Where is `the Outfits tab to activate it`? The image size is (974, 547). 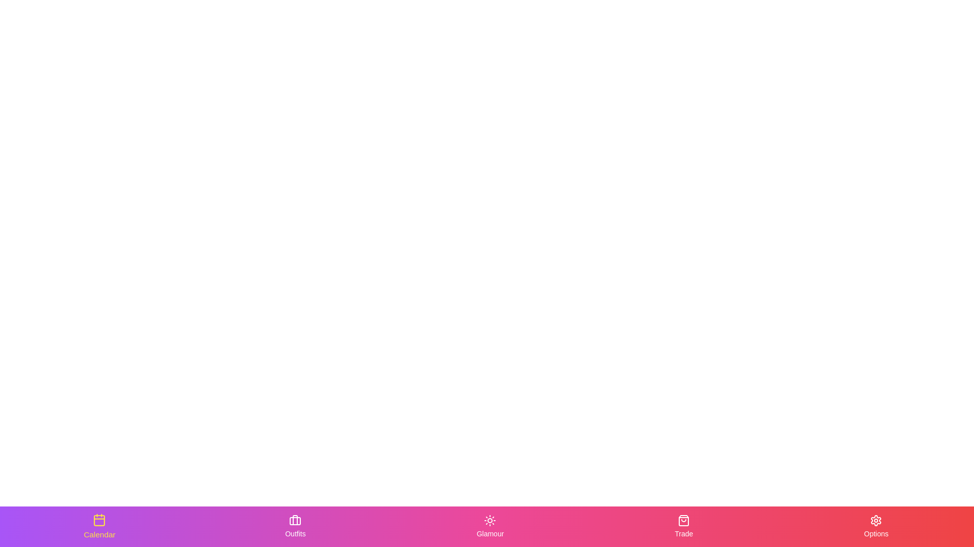
the Outfits tab to activate it is located at coordinates (294, 526).